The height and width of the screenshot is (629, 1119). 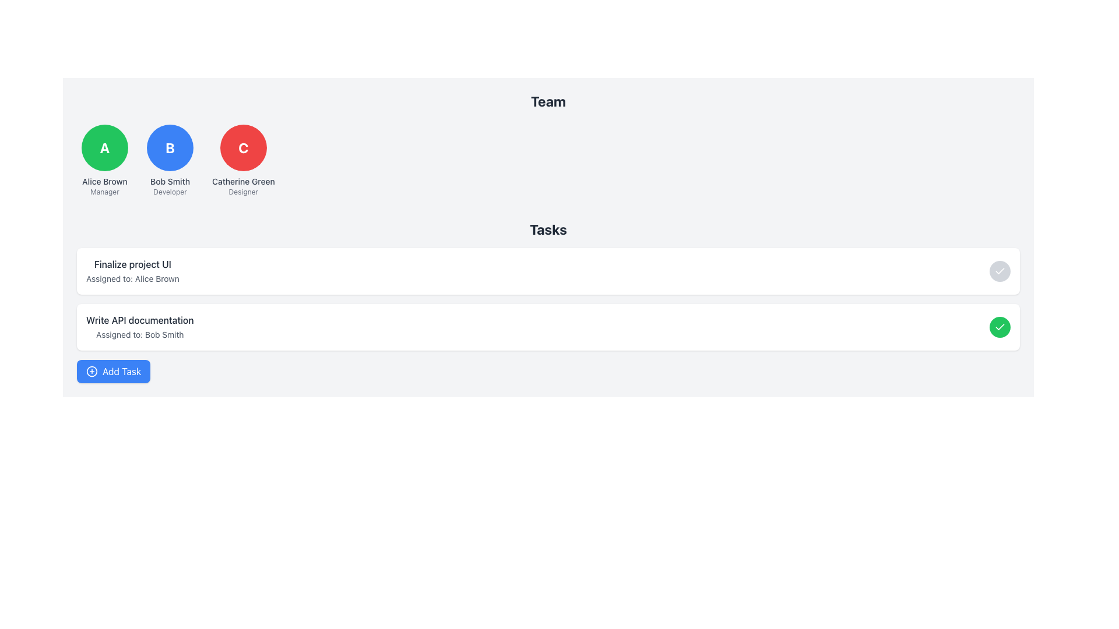 What do you see at coordinates (1000, 327) in the screenshot?
I see `the small circular green button with a white checkmark icon located to the far right of the task item labeled 'Write API documentation' to confirm or complete the task` at bounding box center [1000, 327].